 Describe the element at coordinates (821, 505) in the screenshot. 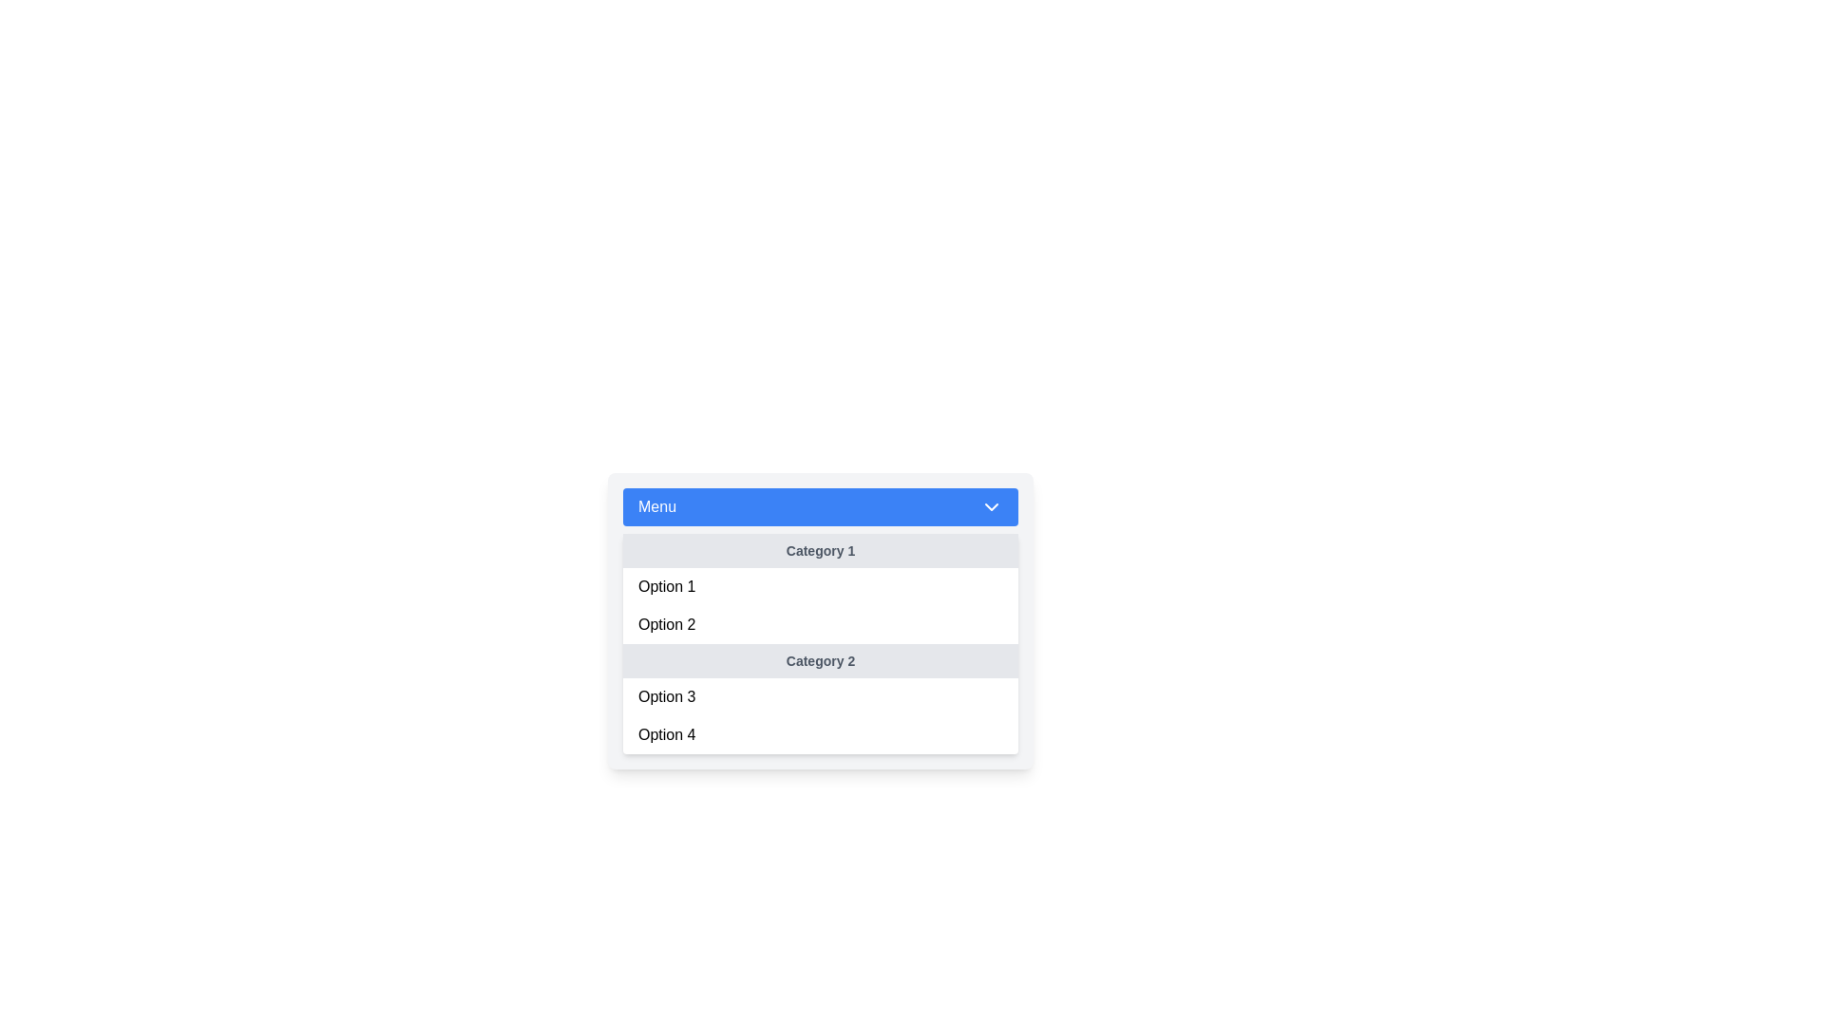

I see `the dropdown menu trigger button located at the top of the box displaying categorized options` at that location.